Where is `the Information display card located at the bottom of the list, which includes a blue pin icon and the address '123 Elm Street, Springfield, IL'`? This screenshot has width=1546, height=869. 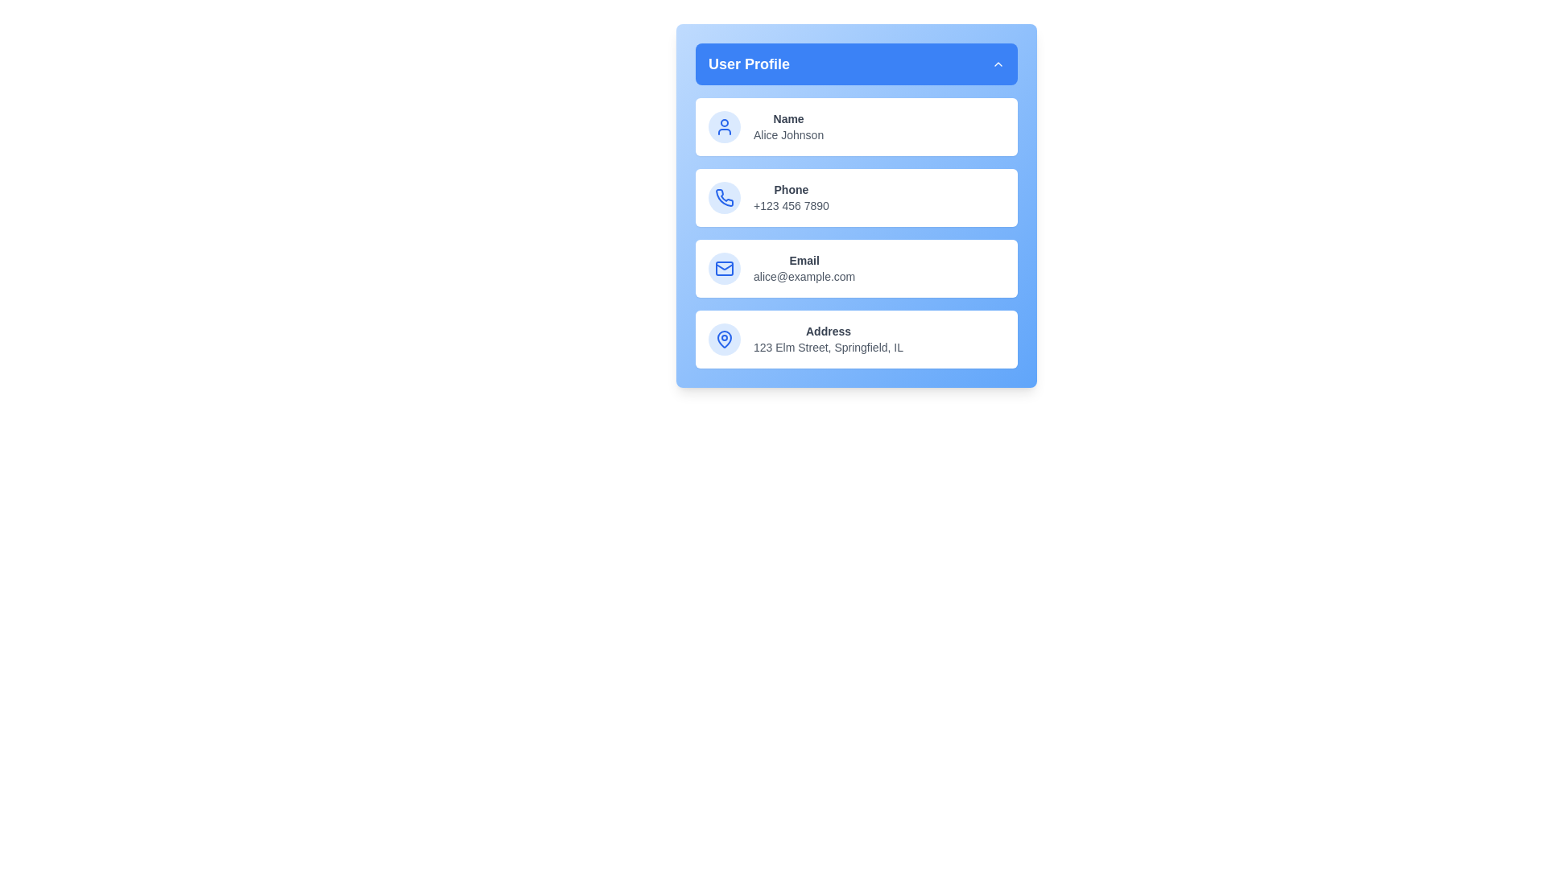
the Information display card located at the bottom of the list, which includes a blue pin icon and the address '123 Elm Street, Springfield, IL' is located at coordinates (856, 338).